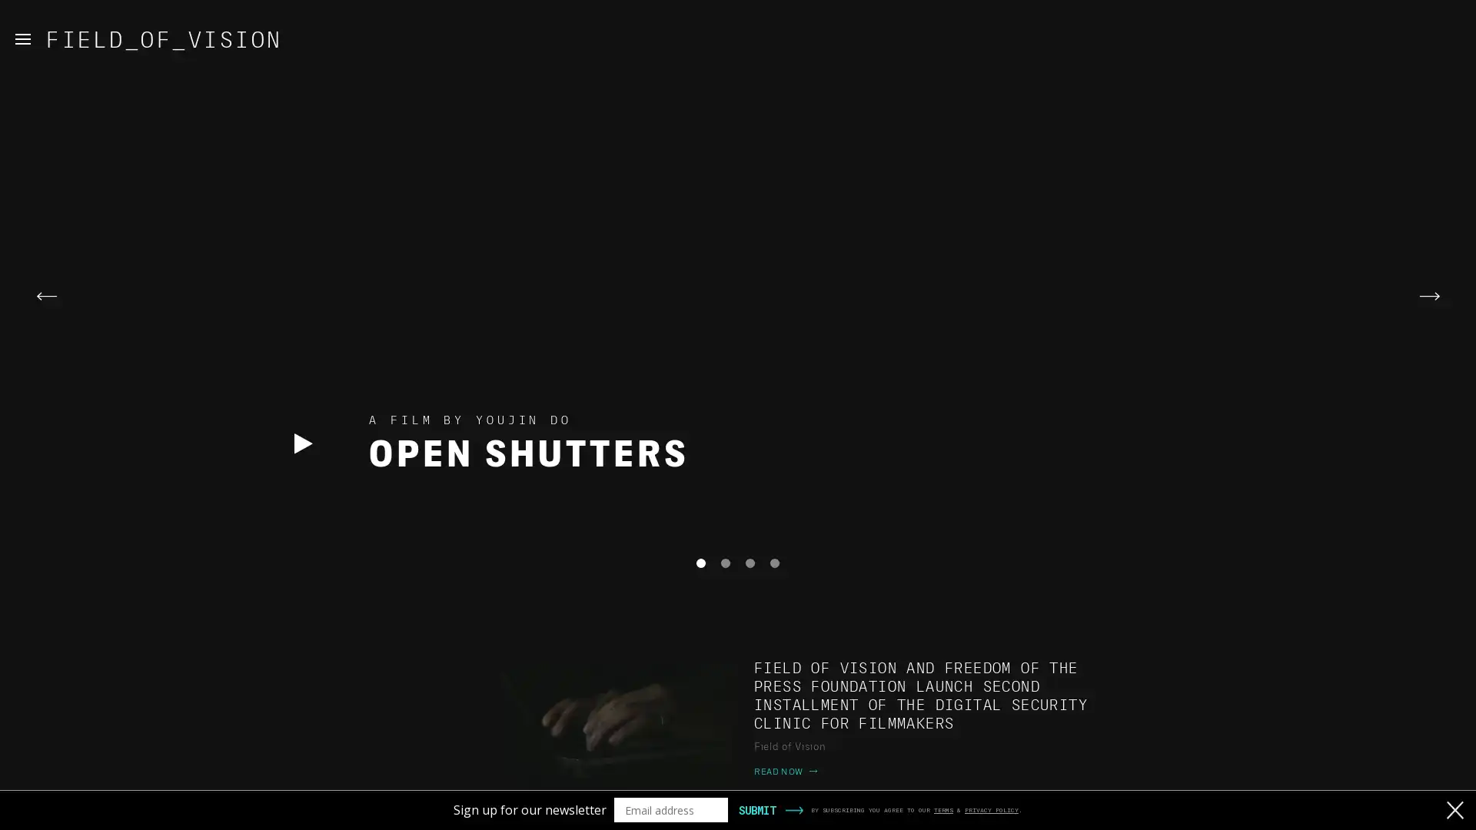  I want to click on SUBMIT, so click(756, 808).